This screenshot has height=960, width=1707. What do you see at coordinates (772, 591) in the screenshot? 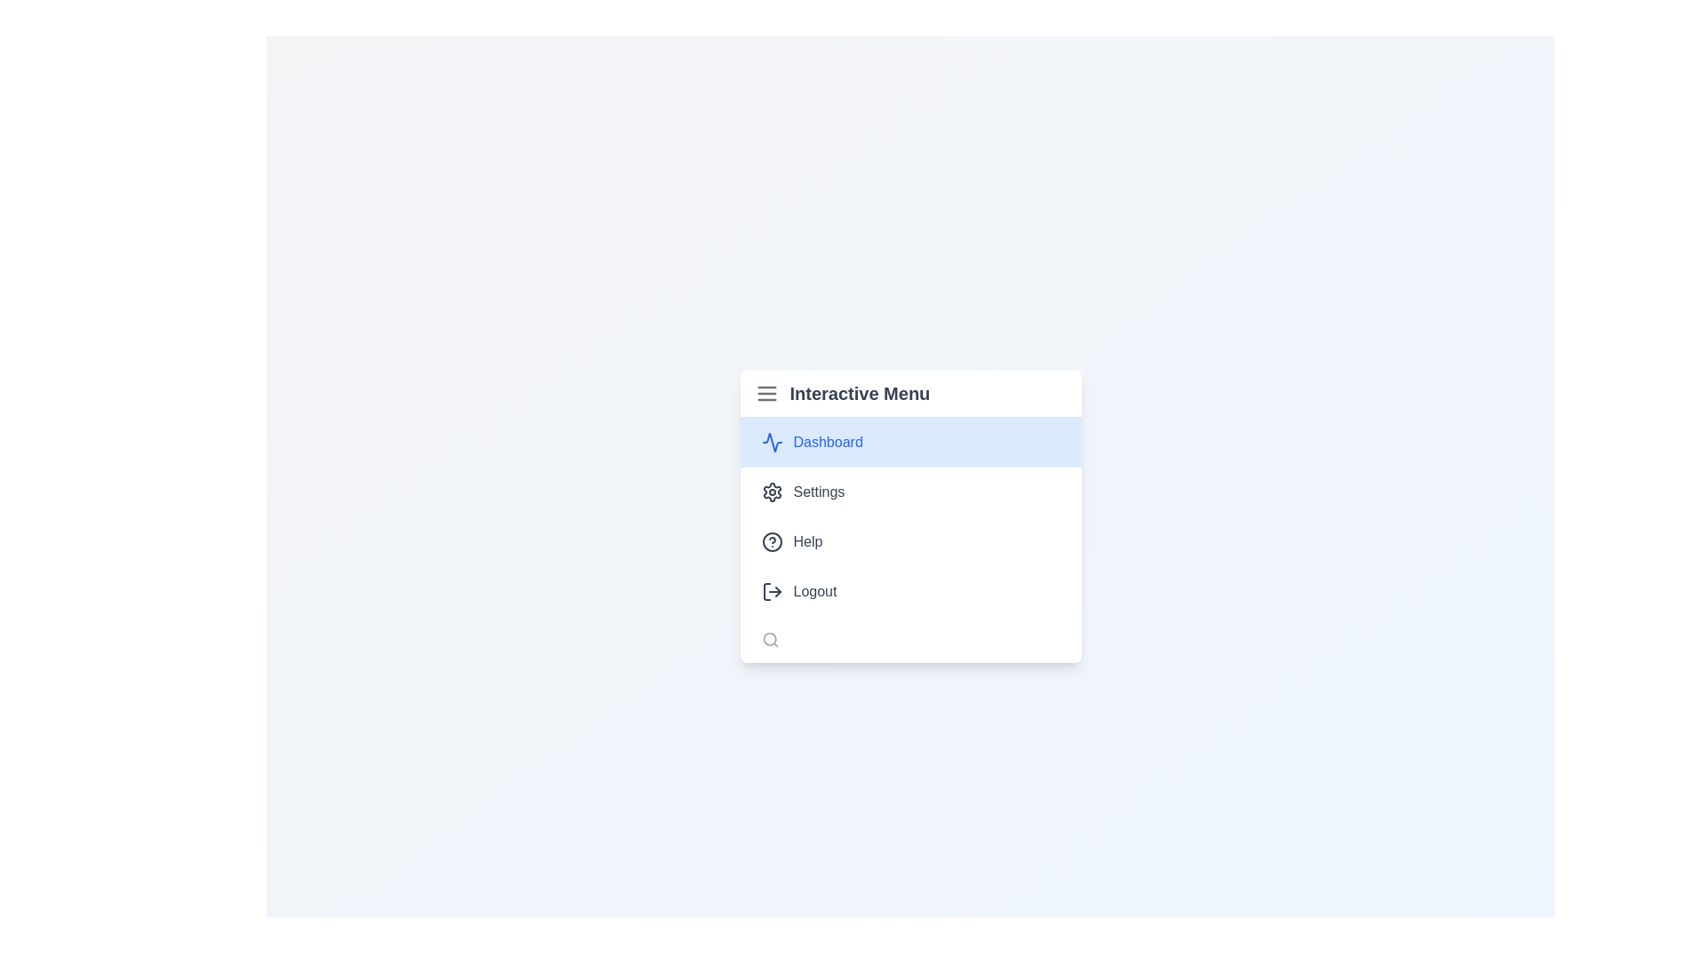
I see `the visual representation of the Logout icon, which features a right-pointing arrow within an open-ended square outline, located to the left of the 'Logout' text in the vertical menu` at bounding box center [772, 591].